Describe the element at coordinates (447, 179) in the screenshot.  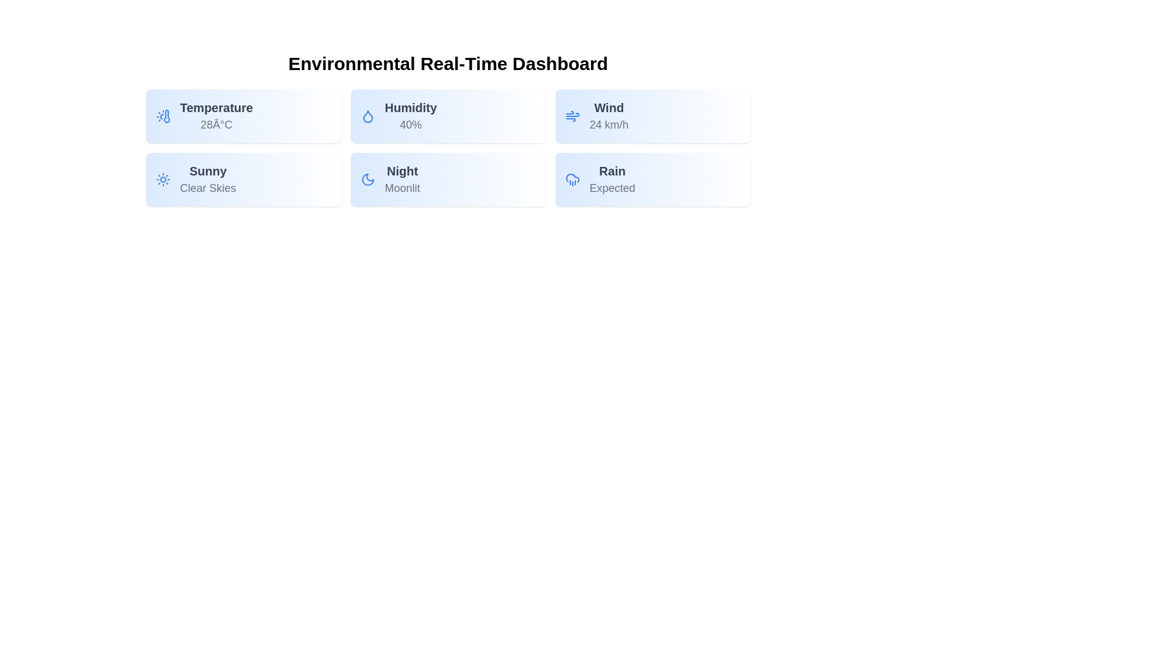
I see `the informational card that describes the weather condition 'Night' with the term 'Moonlit', located in the second row and third column of the grid, featuring a blue gradient background and rounded corners` at that location.